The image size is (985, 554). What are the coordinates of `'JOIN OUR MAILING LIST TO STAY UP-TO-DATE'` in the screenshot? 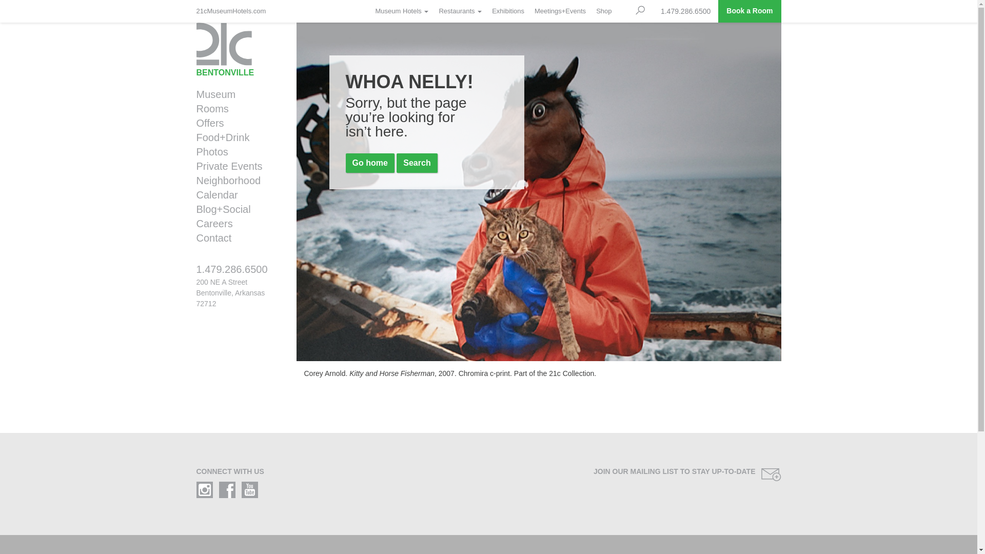 It's located at (638, 474).